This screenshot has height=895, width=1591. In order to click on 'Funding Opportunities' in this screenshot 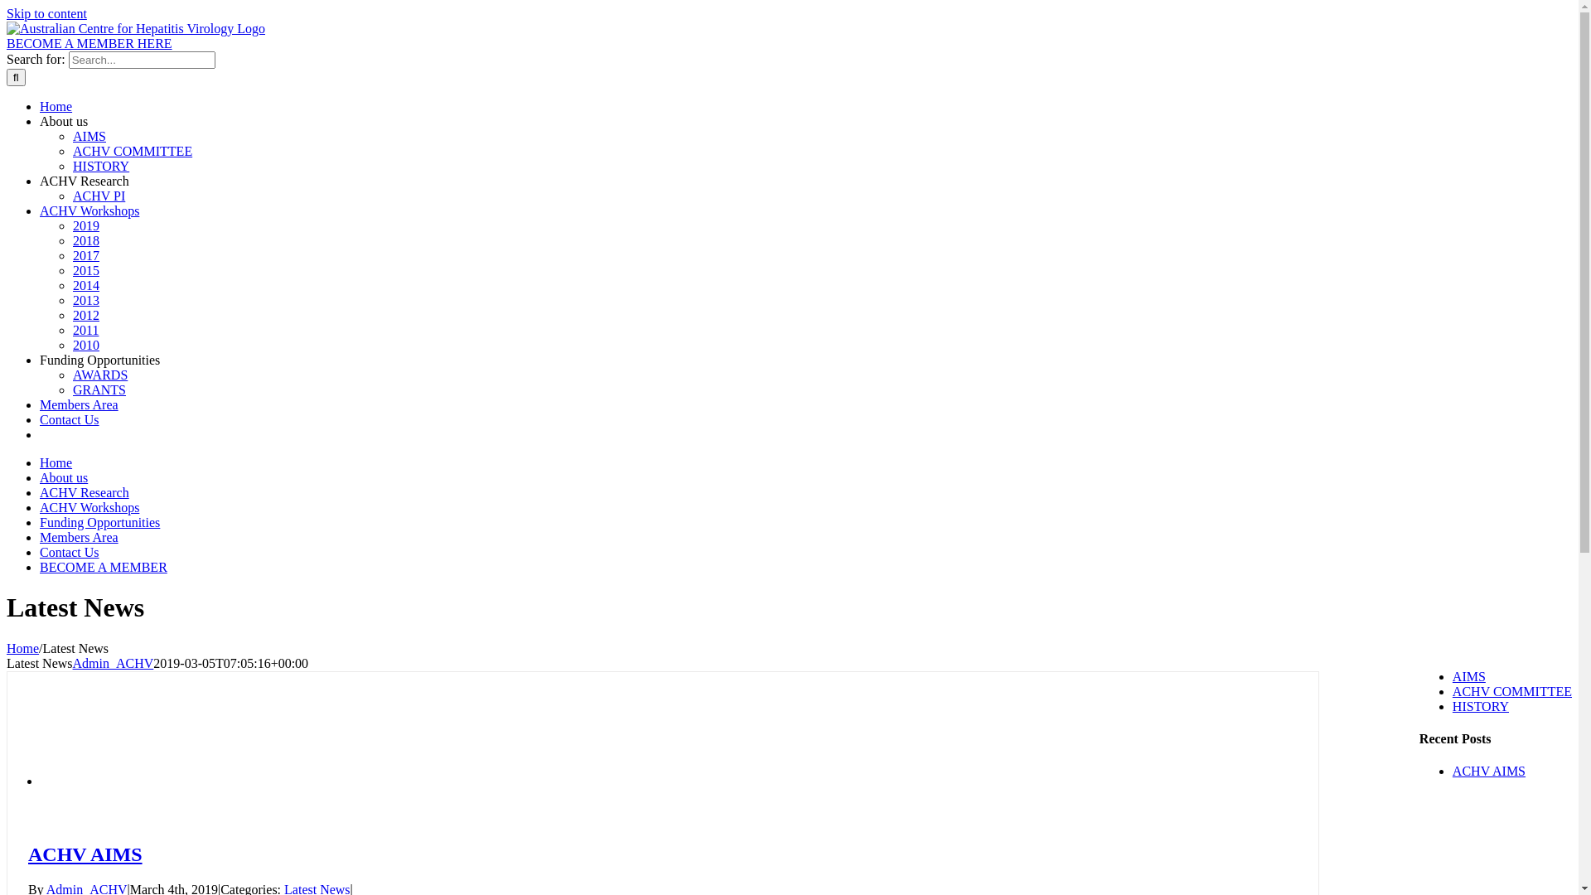, I will do `click(99, 522)`.